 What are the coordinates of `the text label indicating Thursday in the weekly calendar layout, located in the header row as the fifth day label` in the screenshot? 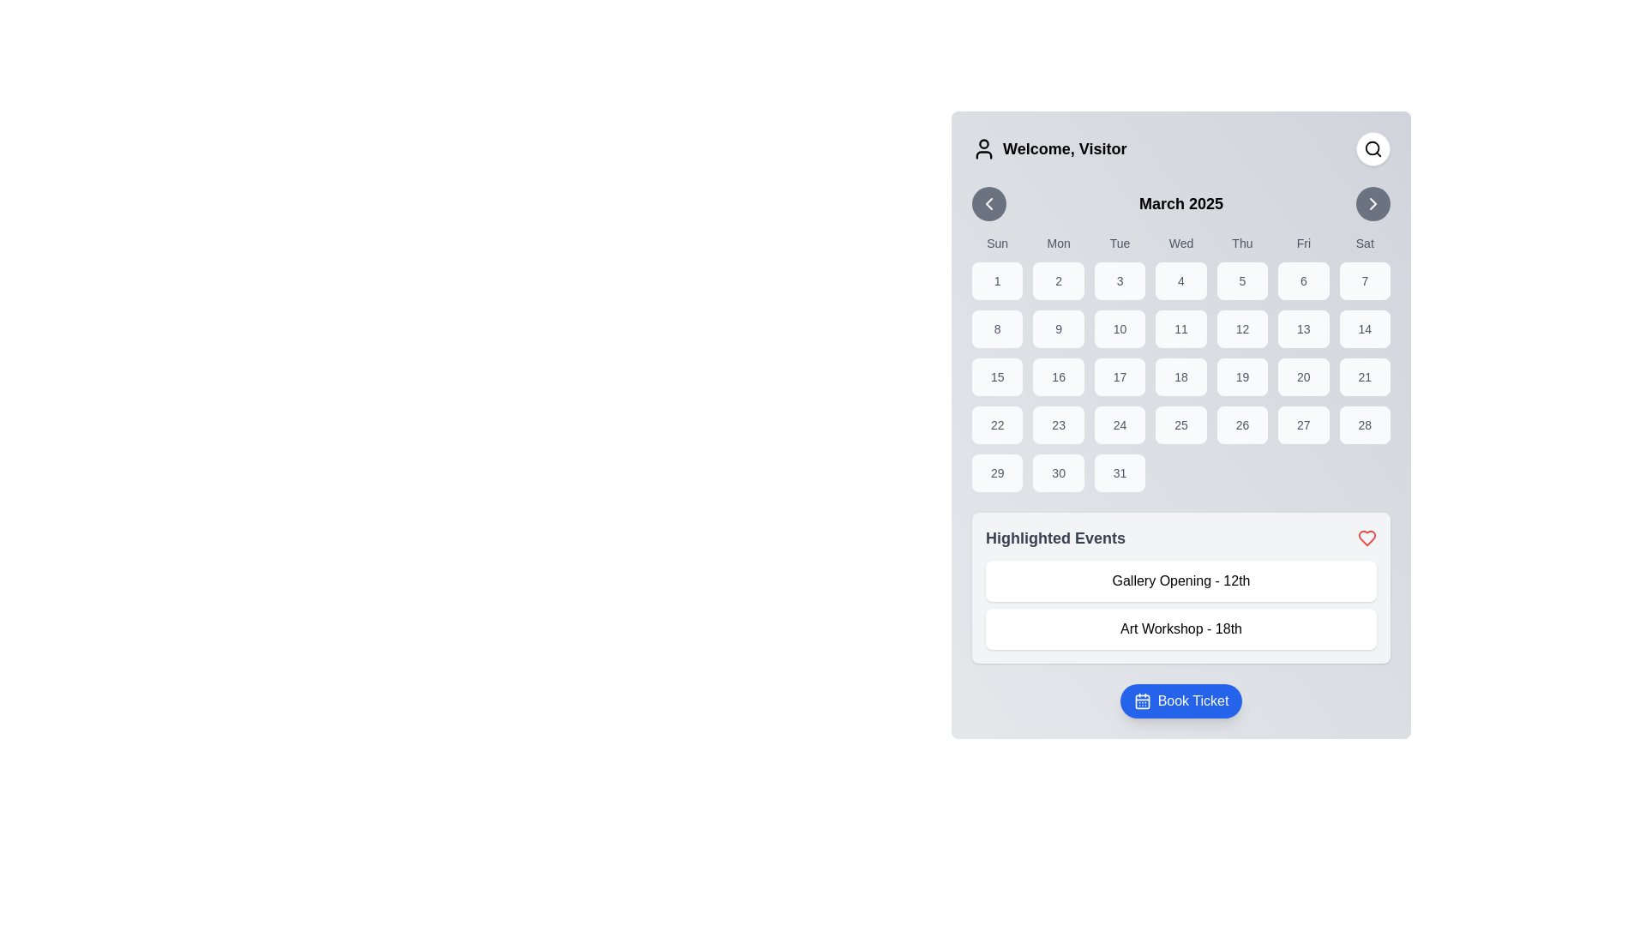 It's located at (1242, 244).